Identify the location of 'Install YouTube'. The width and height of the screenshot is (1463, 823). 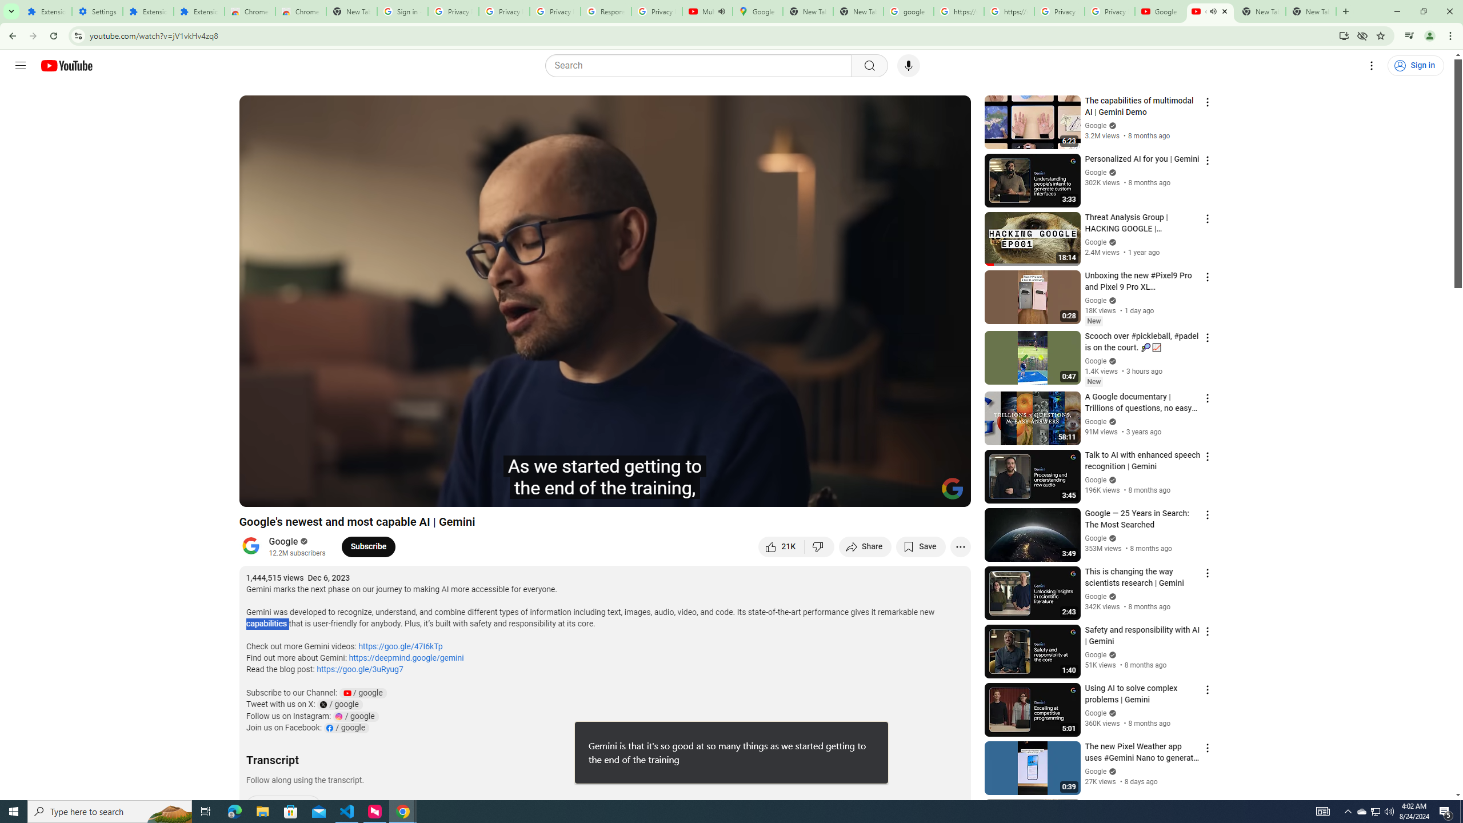
(1344, 35).